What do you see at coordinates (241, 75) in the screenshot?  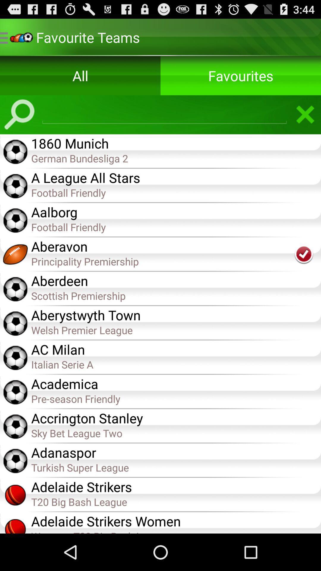 I see `favourites button` at bounding box center [241, 75].